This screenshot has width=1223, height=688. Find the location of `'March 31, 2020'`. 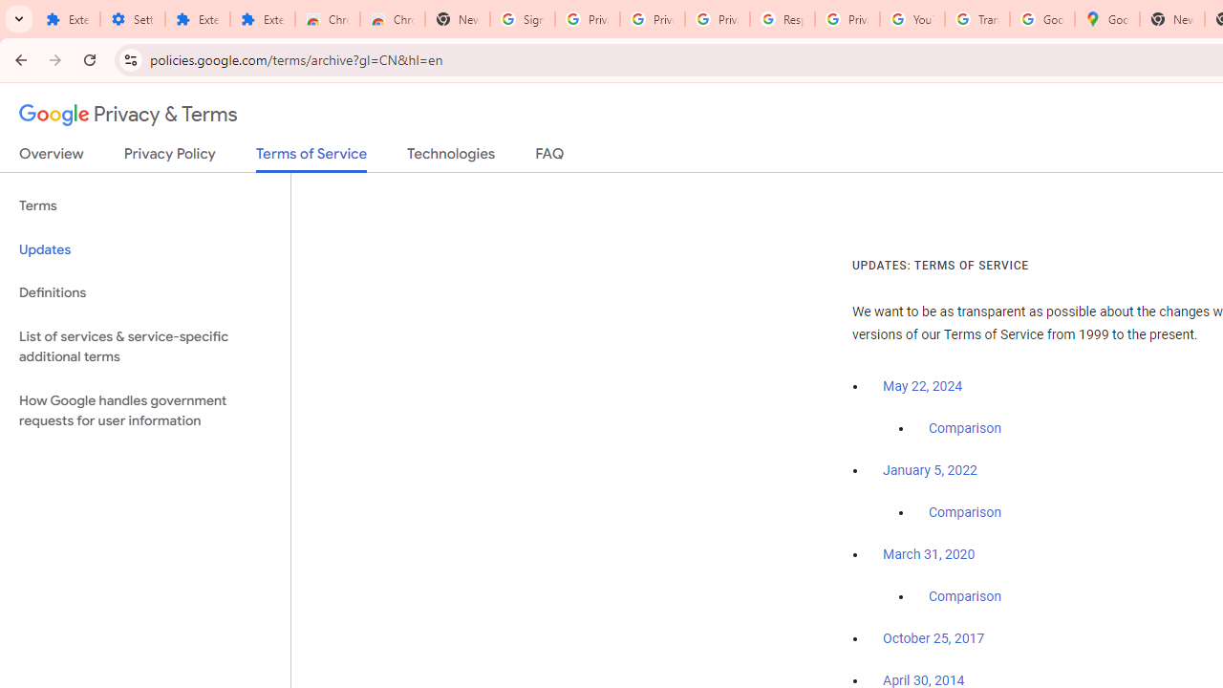

'March 31, 2020' is located at coordinates (929, 554).